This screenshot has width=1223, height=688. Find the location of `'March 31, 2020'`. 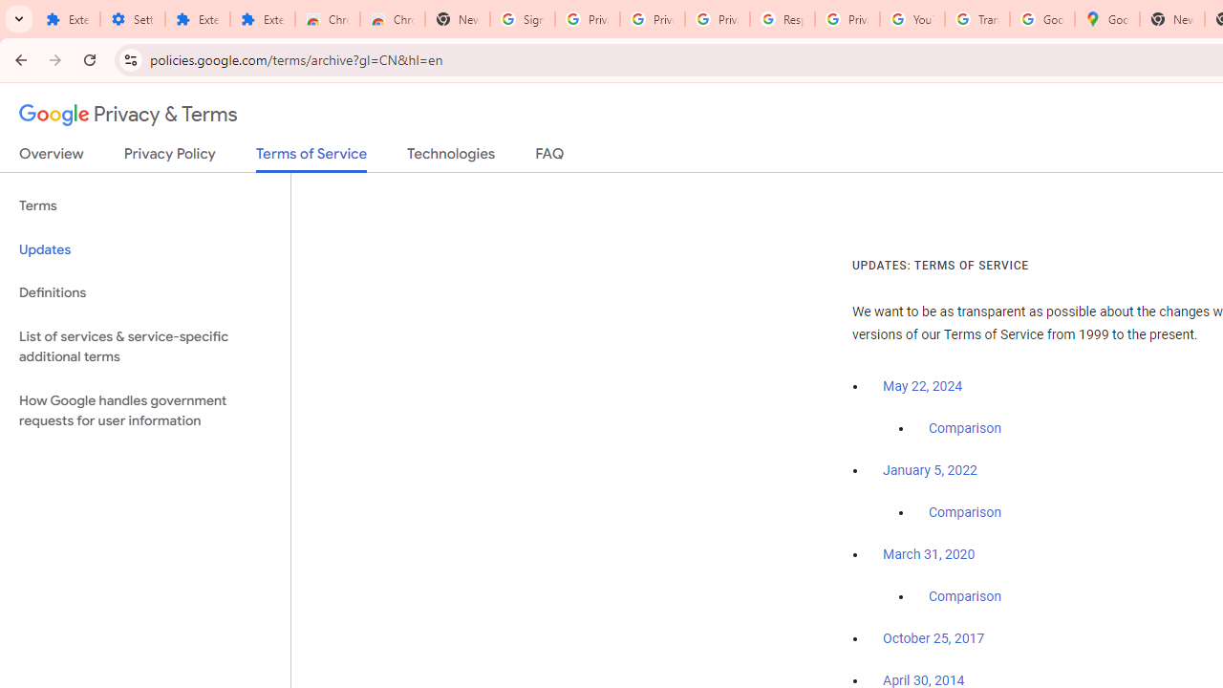

'March 31, 2020' is located at coordinates (929, 554).